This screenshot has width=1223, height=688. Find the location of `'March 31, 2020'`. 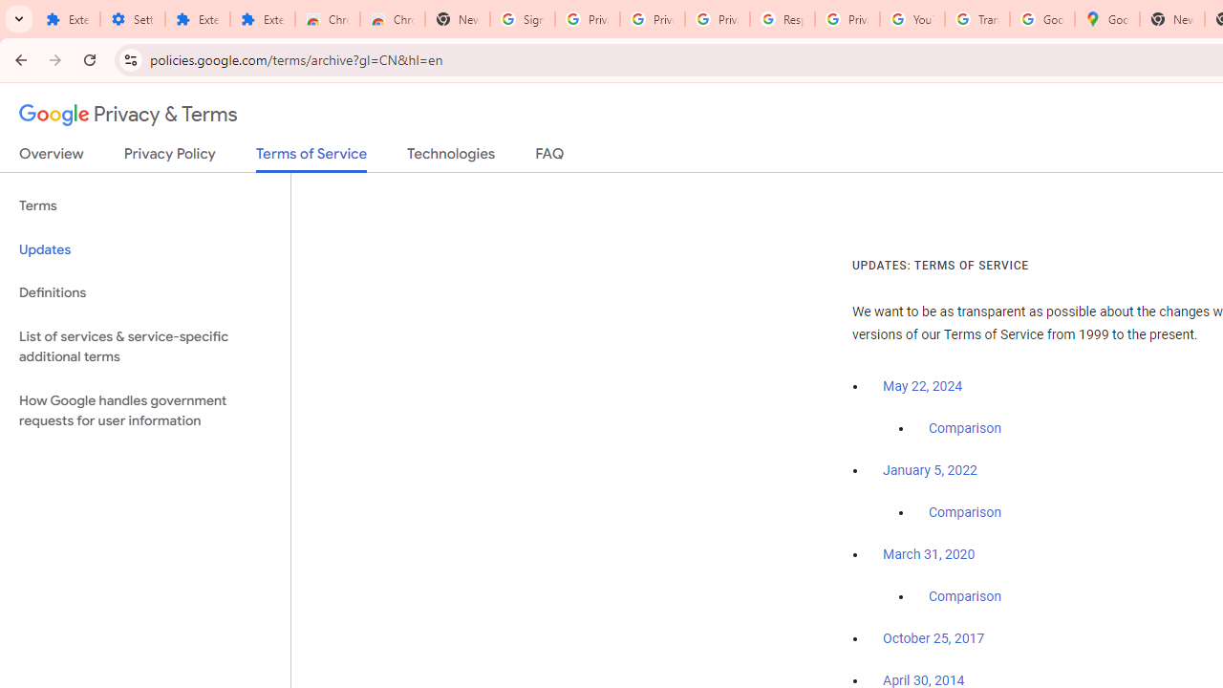

'March 31, 2020' is located at coordinates (929, 554).